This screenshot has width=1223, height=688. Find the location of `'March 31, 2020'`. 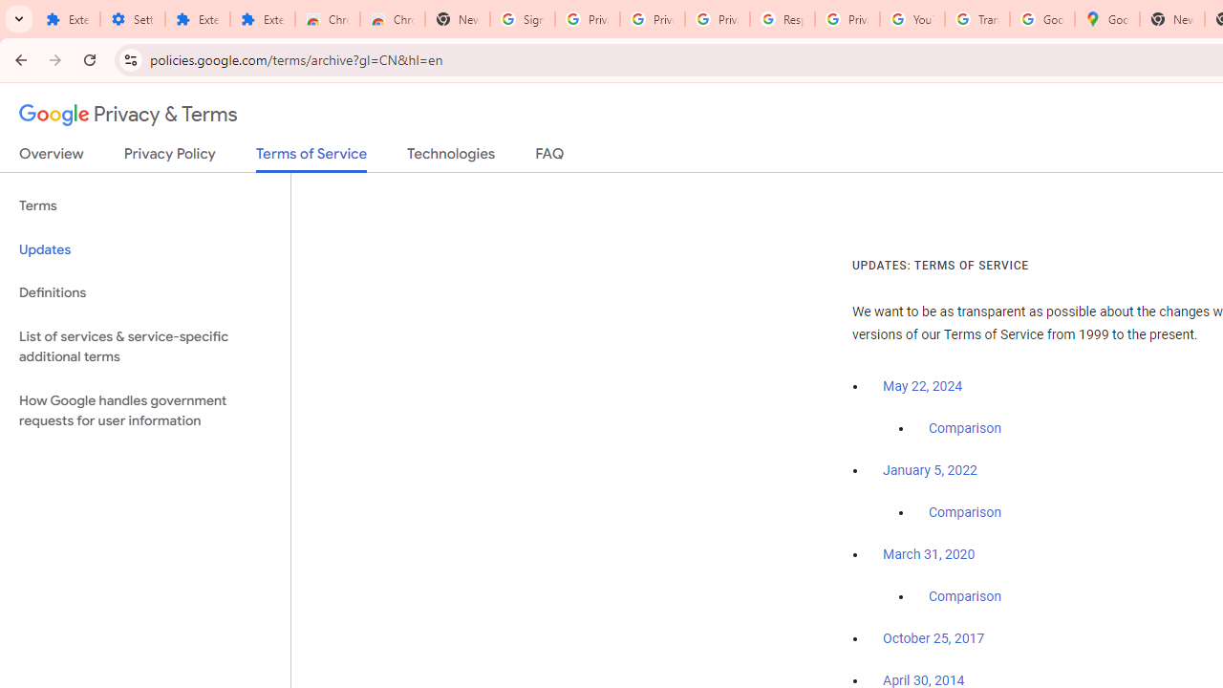

'March 31, 2020' is located at coordinates (929, 554).